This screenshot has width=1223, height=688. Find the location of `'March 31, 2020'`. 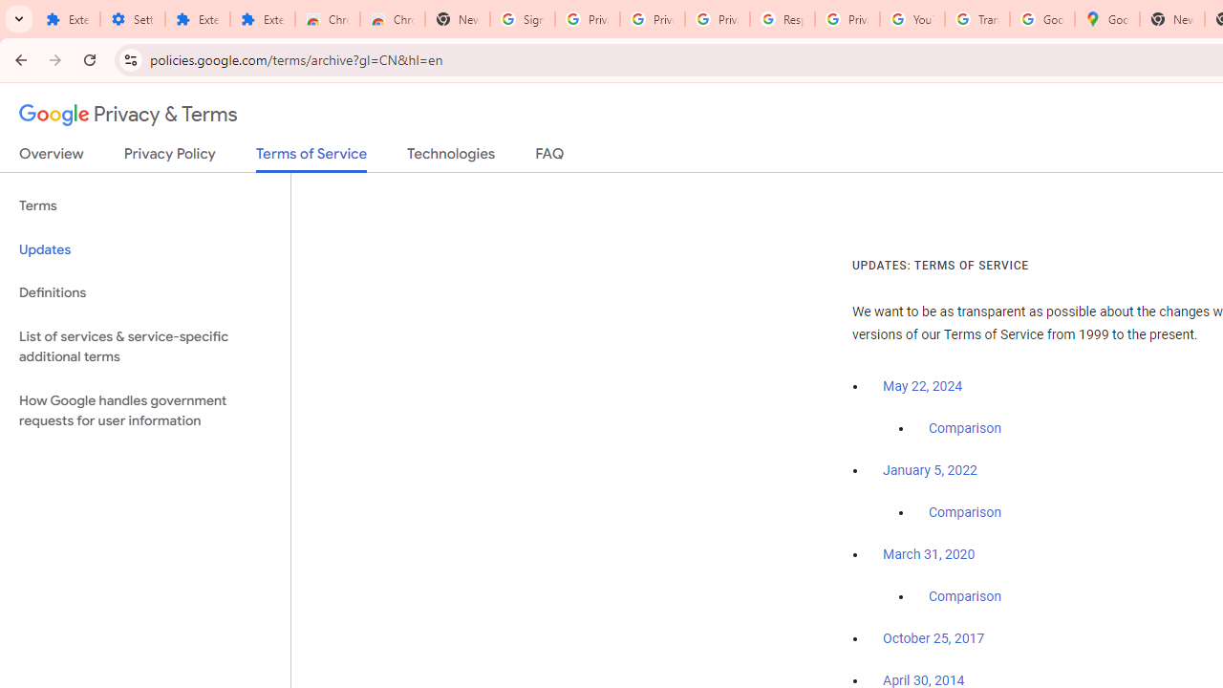

'March 31, 2020' is located at coordinates (929, 554).